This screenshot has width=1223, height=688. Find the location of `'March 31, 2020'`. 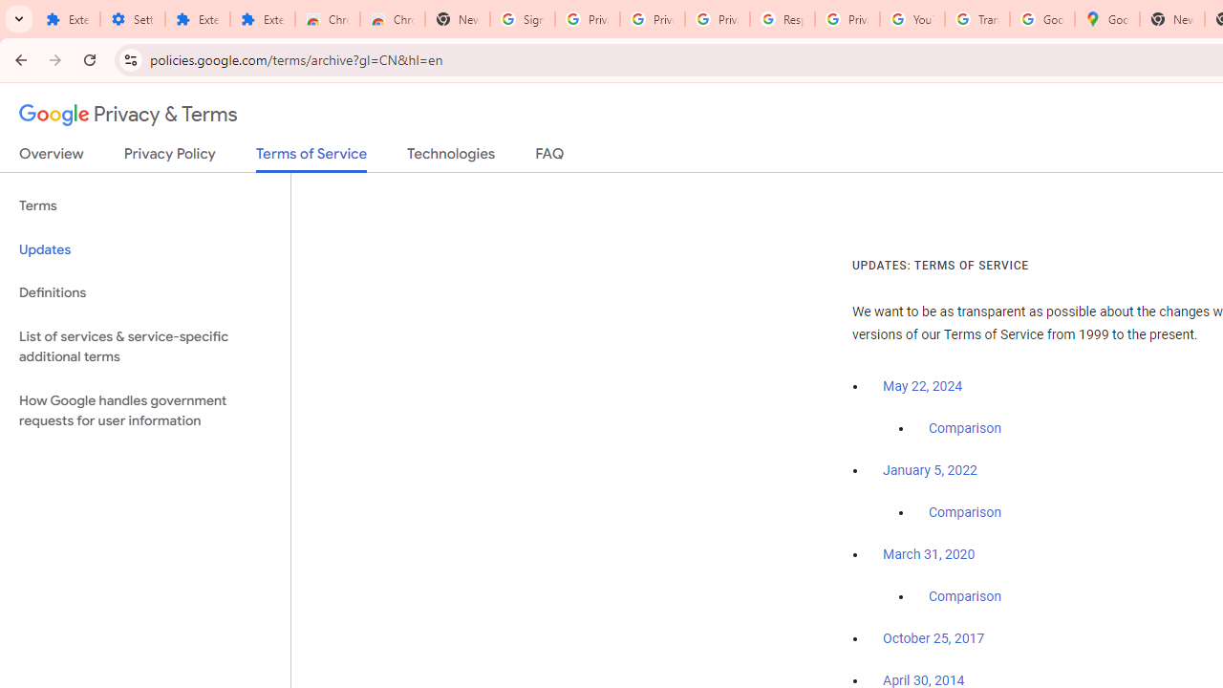

'March 31, 2020' is located at coordinates (929, 554).